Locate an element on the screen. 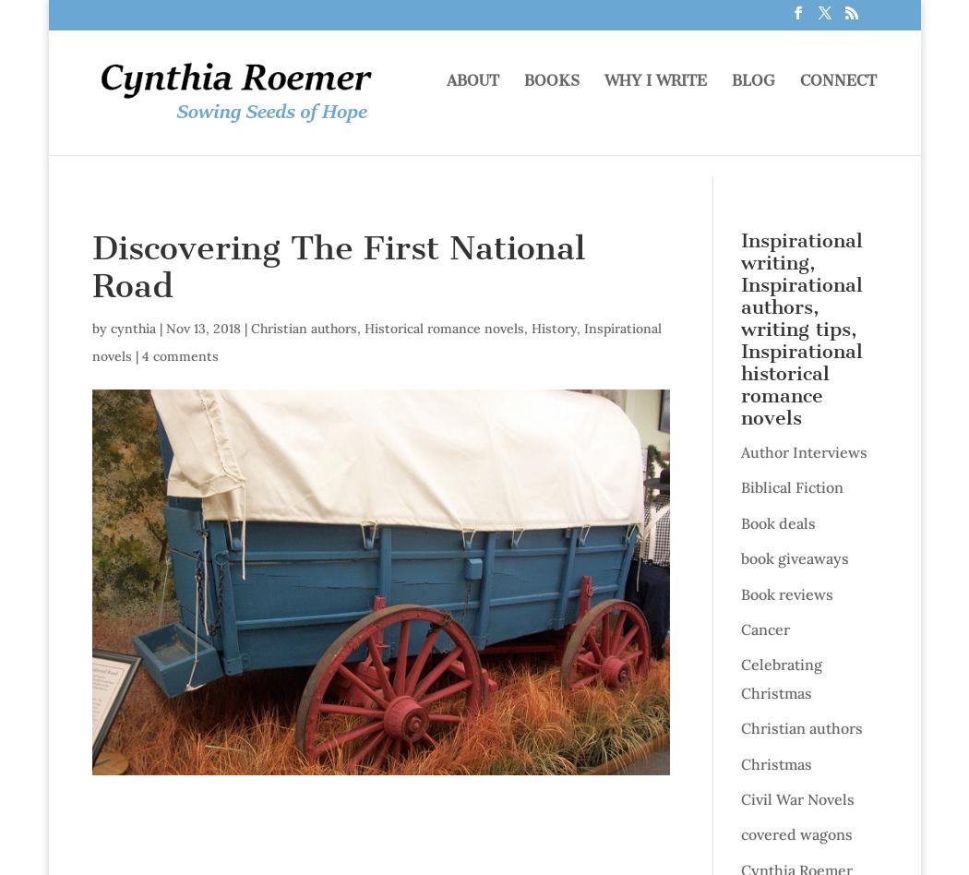 The height and width of the screenshot is (875, 969). 'Author Interviews' is located at coordinates (738, 452).